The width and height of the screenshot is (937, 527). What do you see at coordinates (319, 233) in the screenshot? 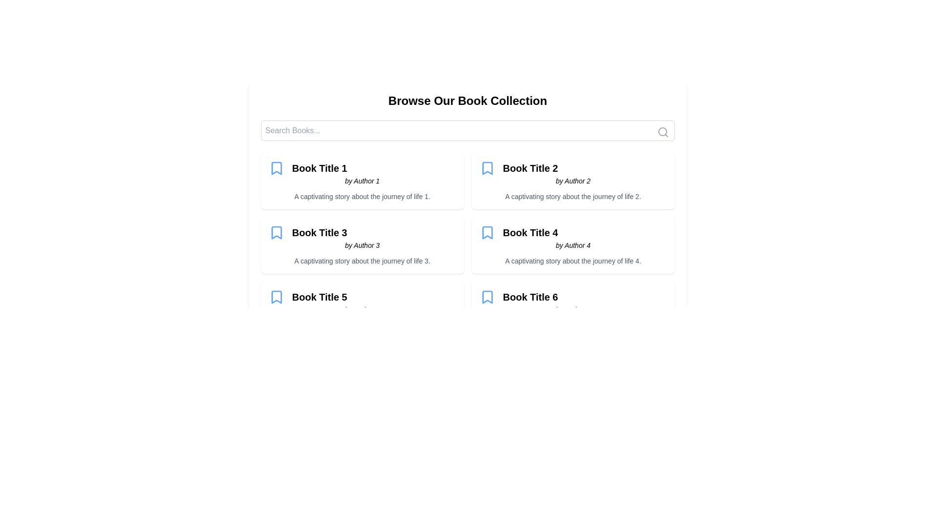
I see `the displayed text of the text label titled 'Book Title 3' located in the left column of the second row of the book list grid` at bounding box center [319, 233].